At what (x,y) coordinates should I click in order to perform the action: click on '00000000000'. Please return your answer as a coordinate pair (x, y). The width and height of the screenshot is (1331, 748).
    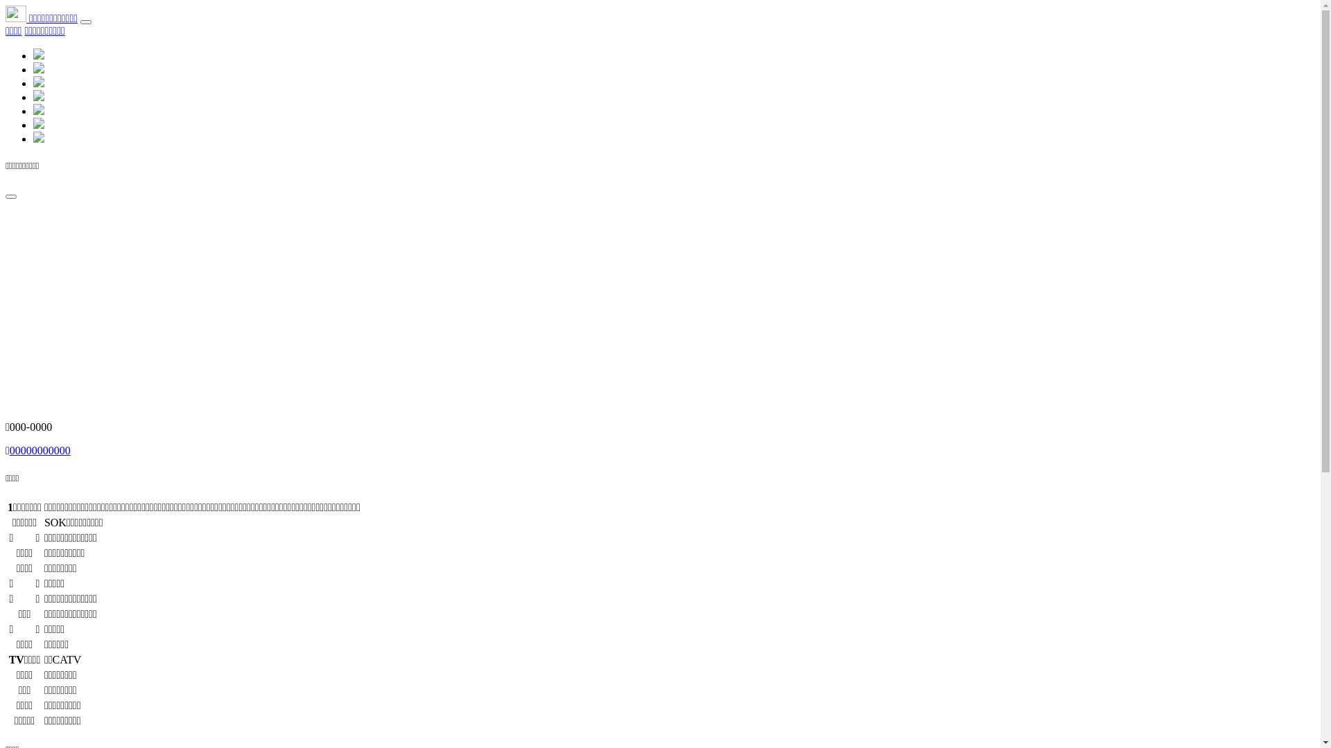
    Looking at the image, I should click on (40, 450).